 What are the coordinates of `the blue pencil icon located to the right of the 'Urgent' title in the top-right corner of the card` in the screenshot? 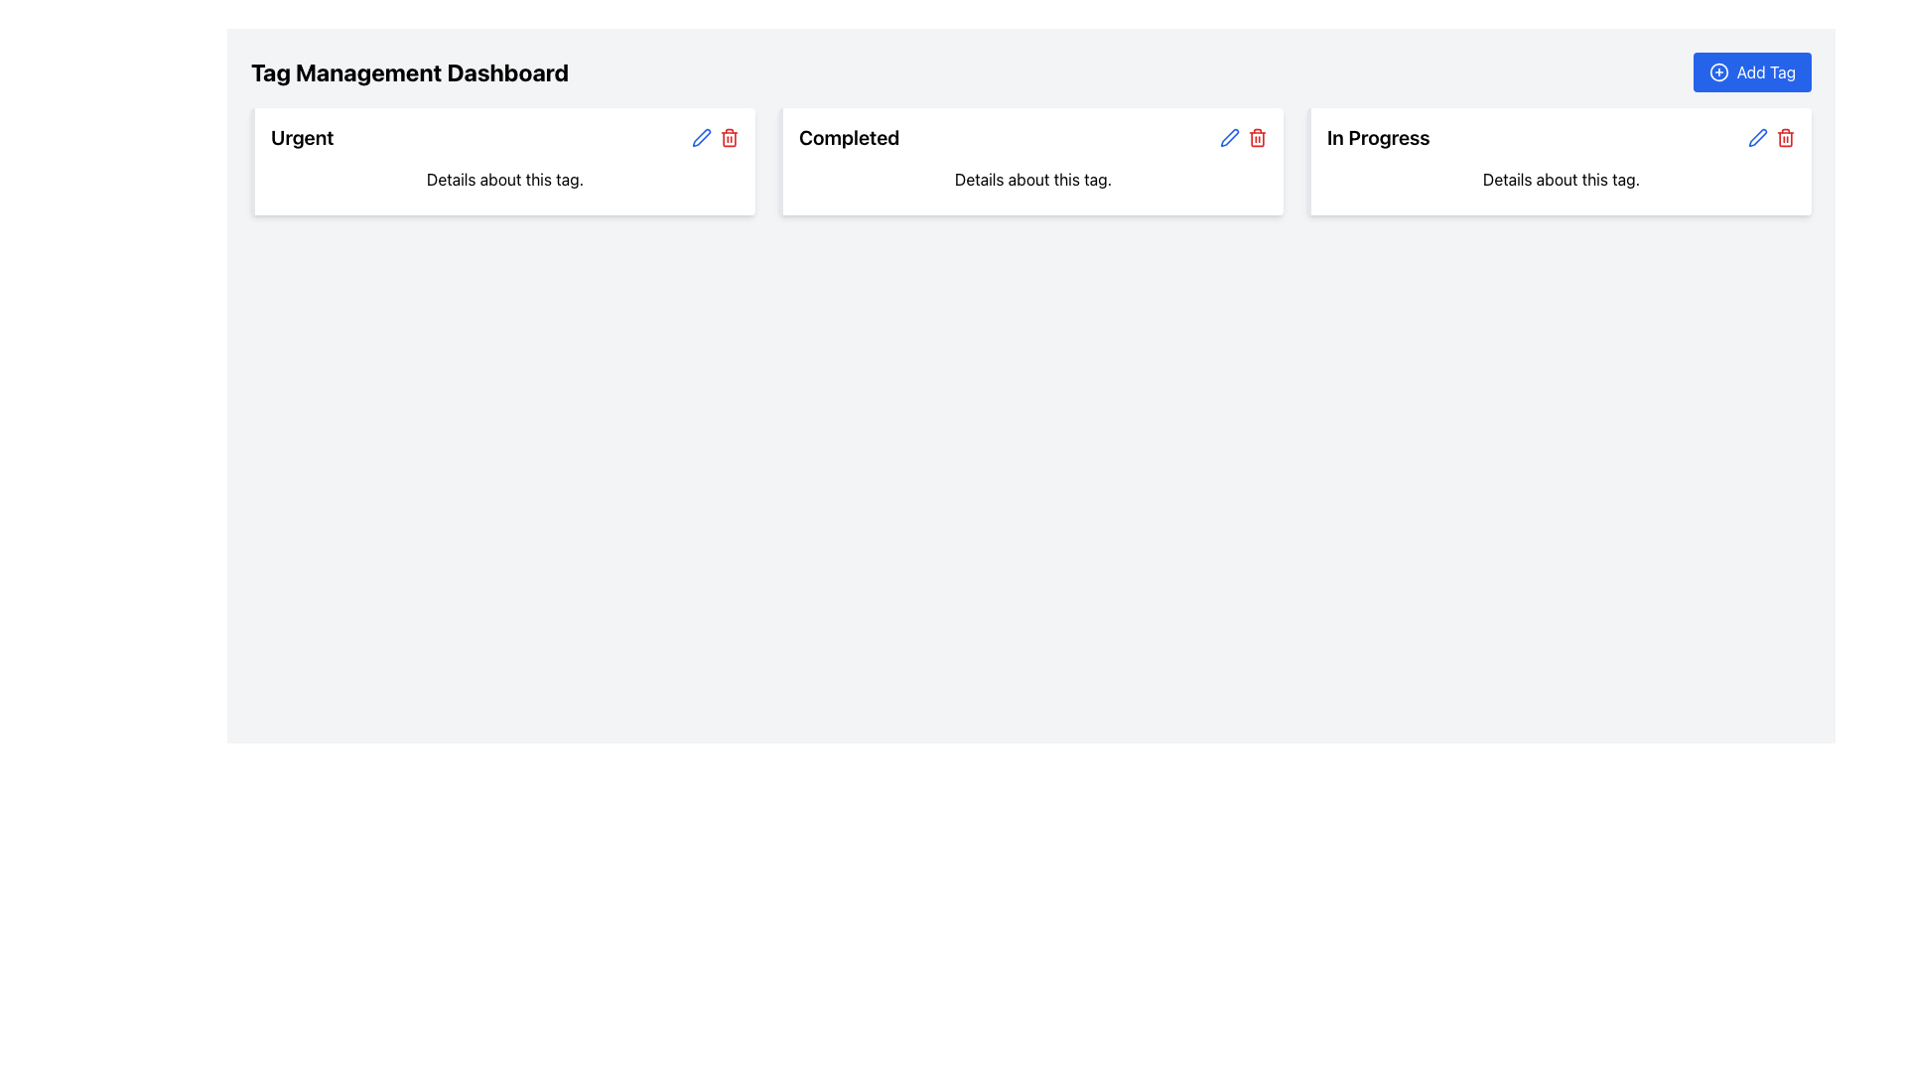 It's located at (715, 136).